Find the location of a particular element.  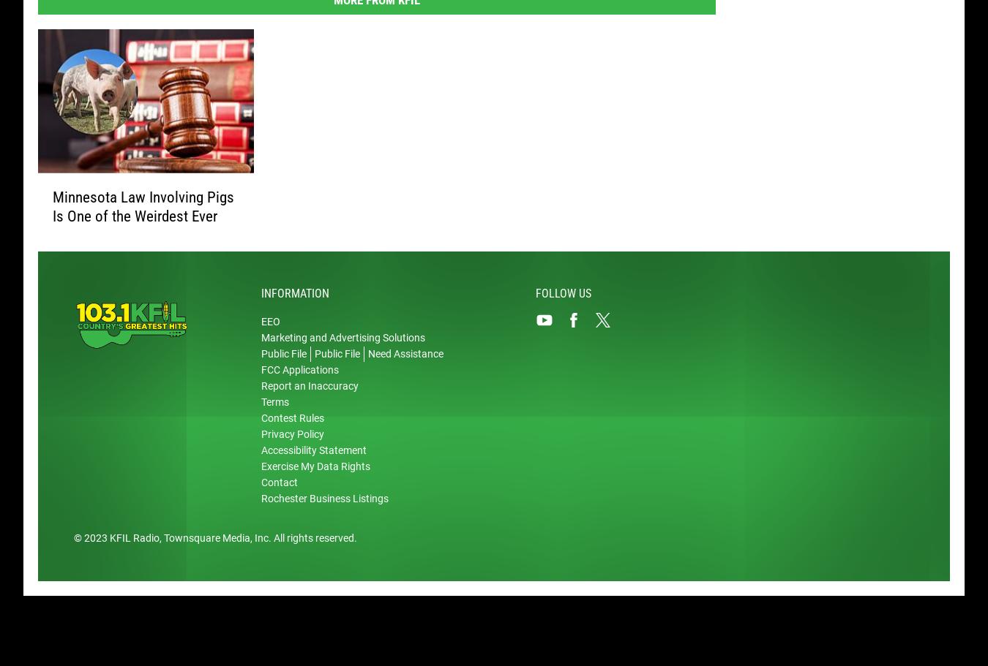

'. All rights reserved.' is located at coordinates (269, 540).